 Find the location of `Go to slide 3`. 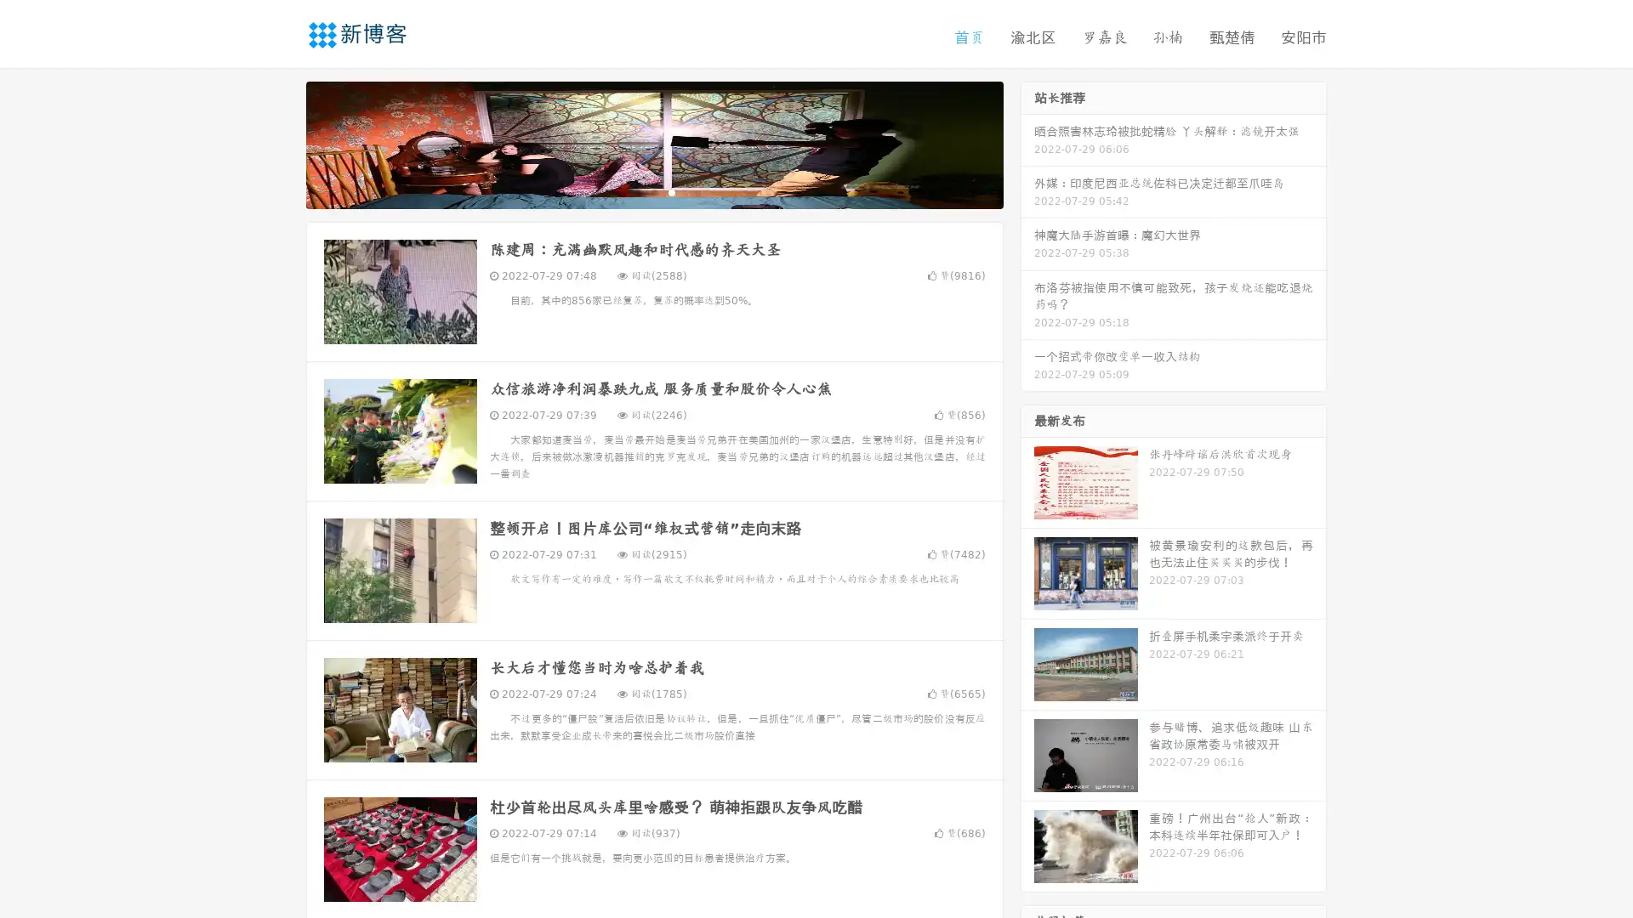

Go to slide 3 is located at coordinates (671, 191).